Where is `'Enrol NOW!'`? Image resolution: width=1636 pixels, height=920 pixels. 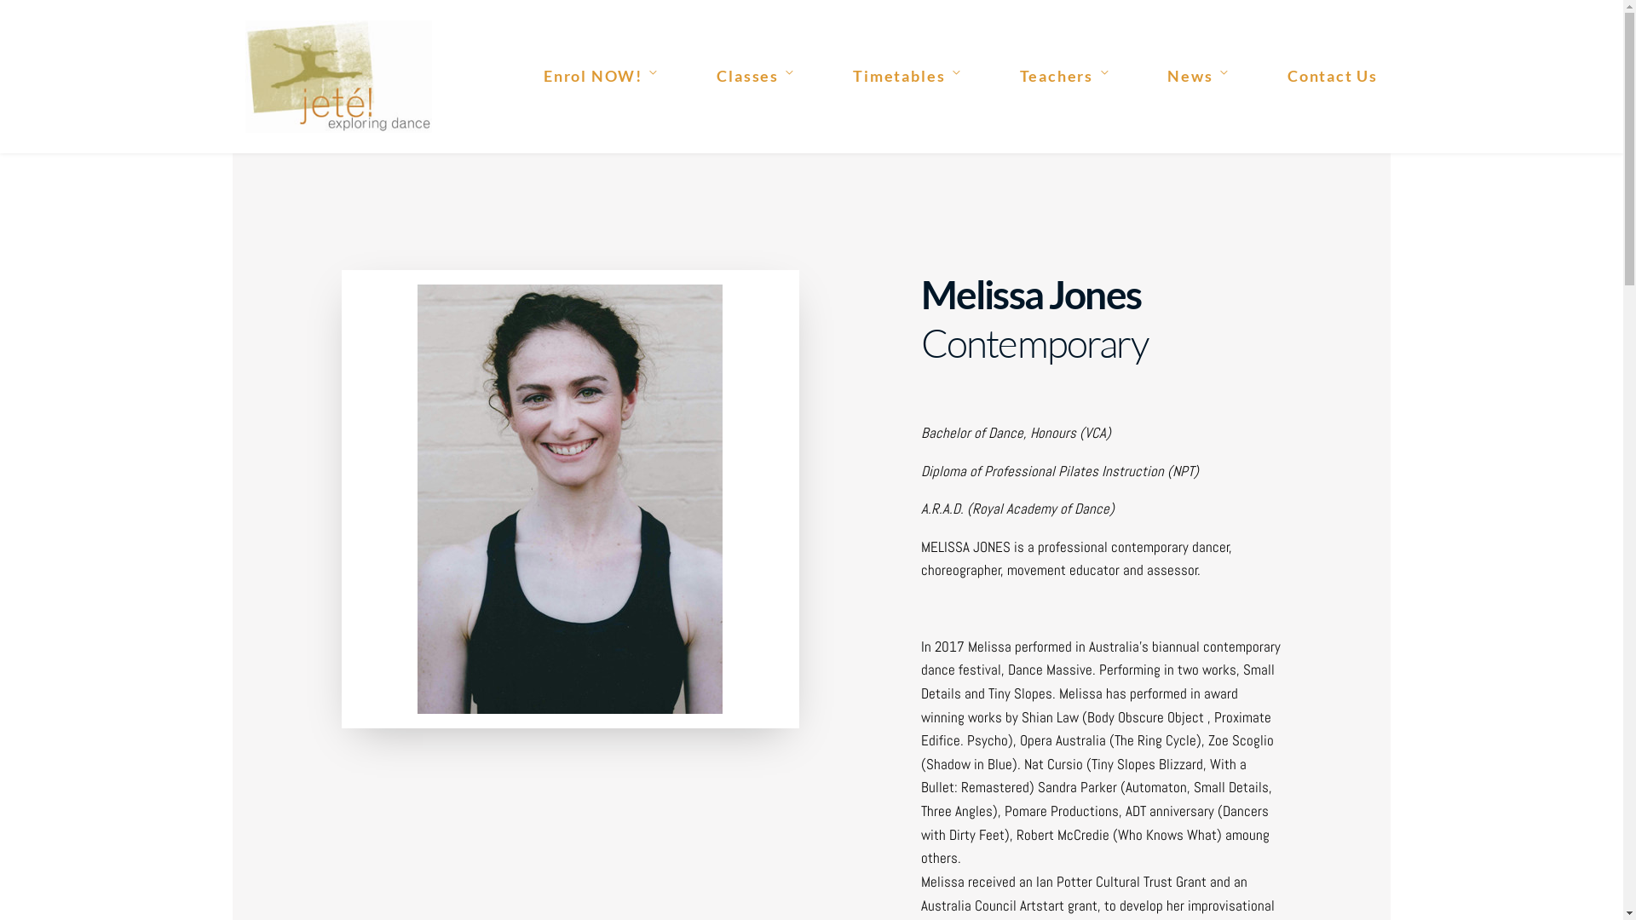
'Enrol NOW!' is located at coordinates (543, 75).